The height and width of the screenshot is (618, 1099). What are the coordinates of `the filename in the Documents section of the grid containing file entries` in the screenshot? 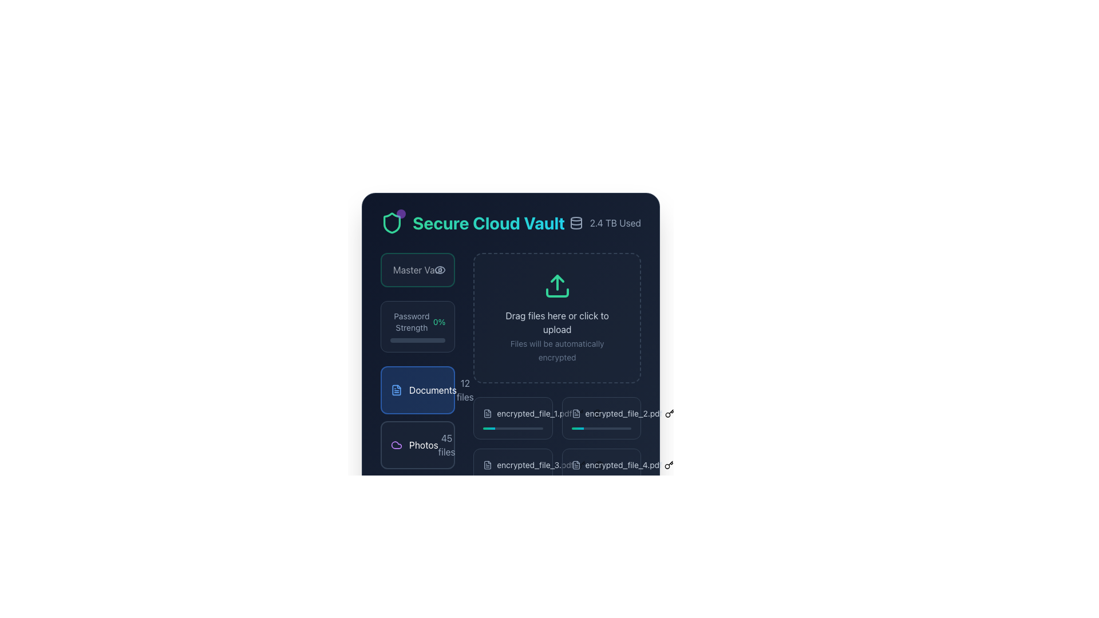 It's located at (557, 443).